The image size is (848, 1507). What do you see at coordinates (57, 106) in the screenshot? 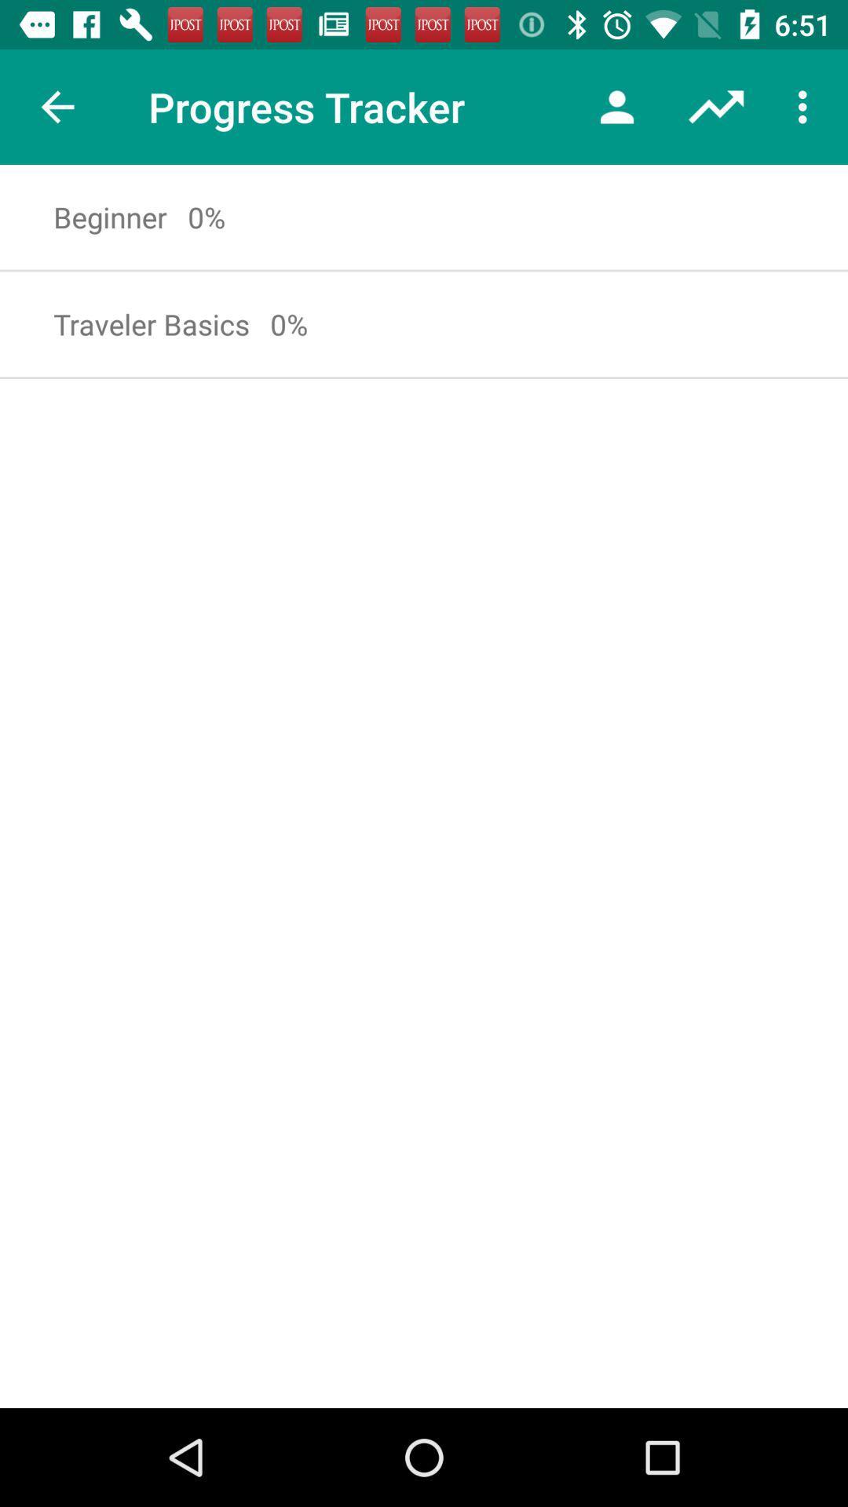
I see `item above the beginner` at bounding box center [57, 106].